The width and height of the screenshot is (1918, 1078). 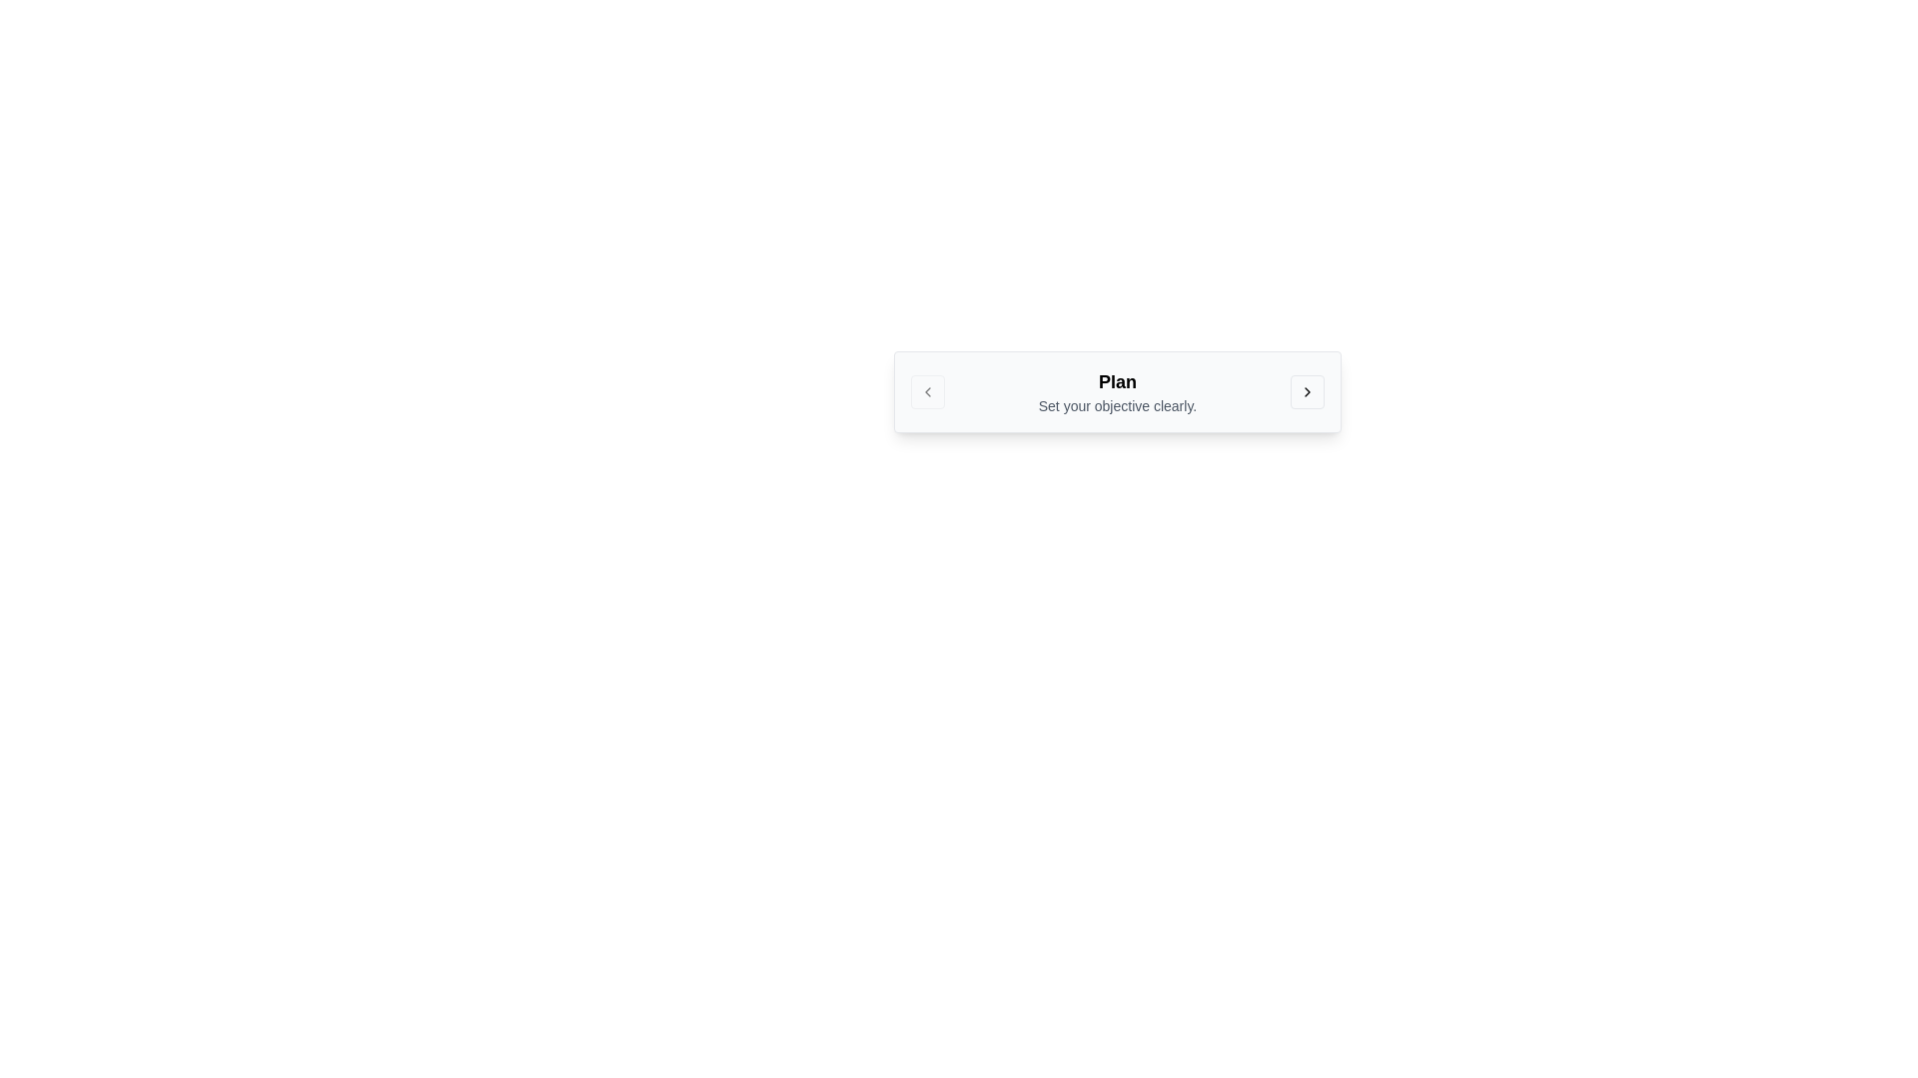 What do you see at coordinates (1116, 392) in the screenshot?
I see `the Text Display element that shows the title 'Plan' and the description 'Set your objective clearly.'` at bounding box center [1116, 392].